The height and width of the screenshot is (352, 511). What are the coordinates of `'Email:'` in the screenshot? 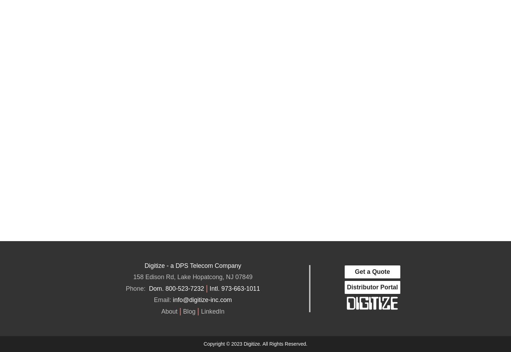 It's located at (153, 300).